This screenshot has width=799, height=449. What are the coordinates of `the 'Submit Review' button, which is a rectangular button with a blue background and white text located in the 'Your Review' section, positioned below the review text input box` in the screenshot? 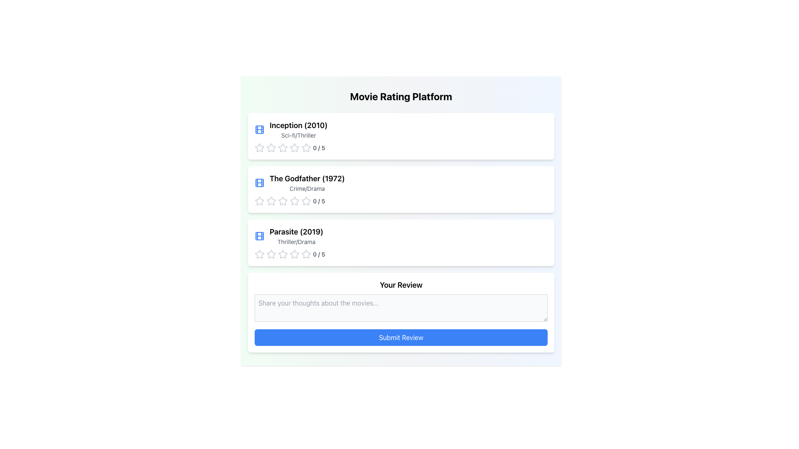 It's located at (401, 338).